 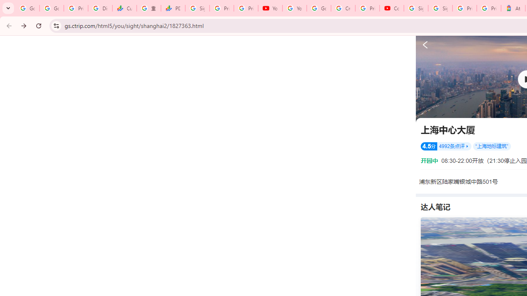 I want to click on 'Google Workspace Admin Community', so click(x=27, y=8).